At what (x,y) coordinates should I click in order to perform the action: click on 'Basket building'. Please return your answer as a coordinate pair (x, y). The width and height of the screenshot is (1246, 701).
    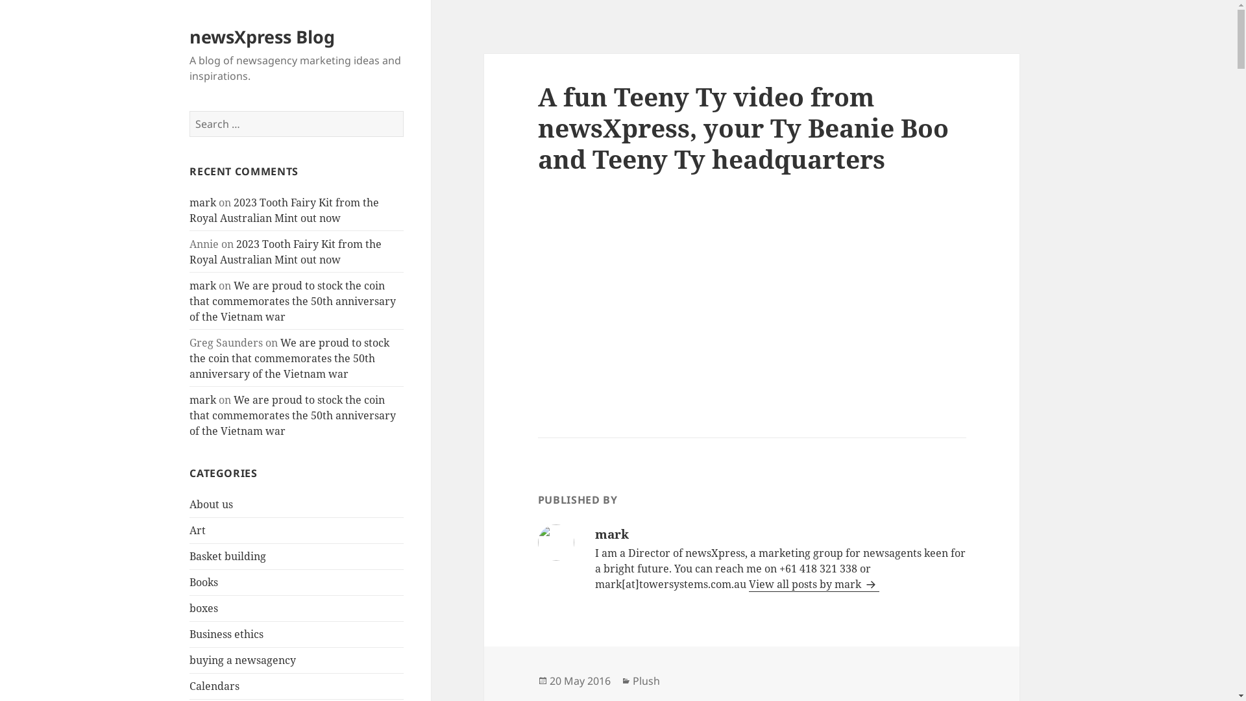
    Looking at the image, I should click on (227, 555).